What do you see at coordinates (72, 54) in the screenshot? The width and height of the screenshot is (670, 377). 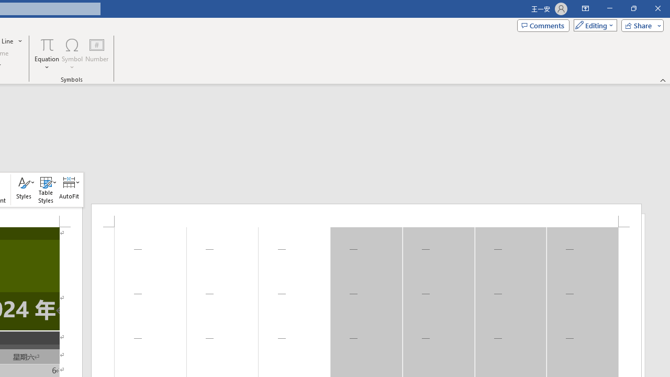 I see `'Symbol'` at bounding box center [72, 54].